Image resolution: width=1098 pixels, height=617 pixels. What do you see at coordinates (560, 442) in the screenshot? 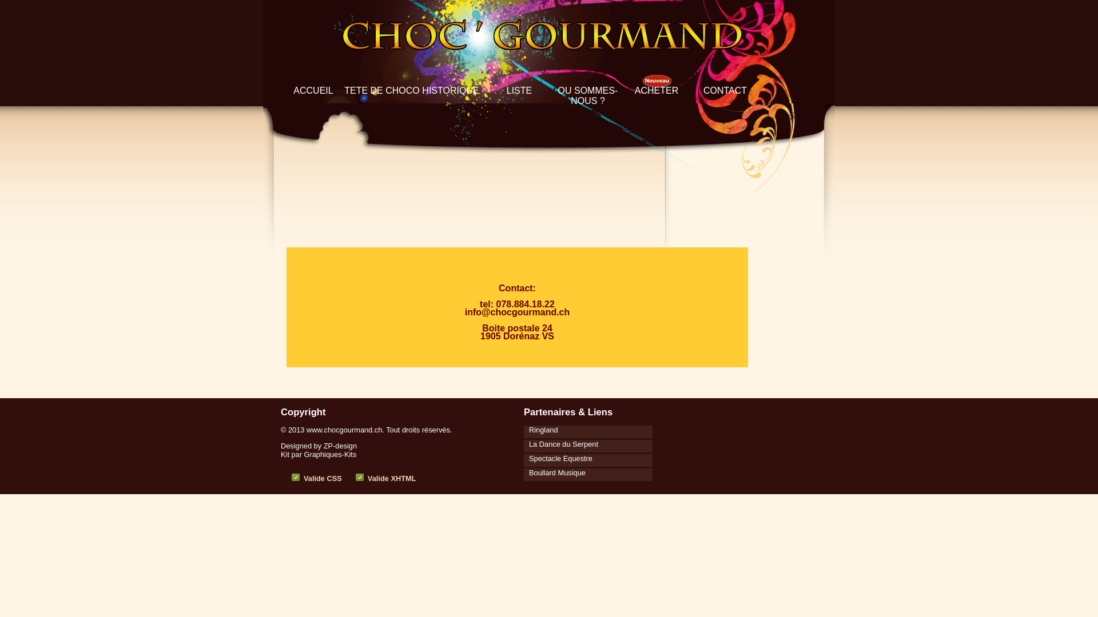
I see `'La Dance du Serpent'` at bounding box center [560, 442].